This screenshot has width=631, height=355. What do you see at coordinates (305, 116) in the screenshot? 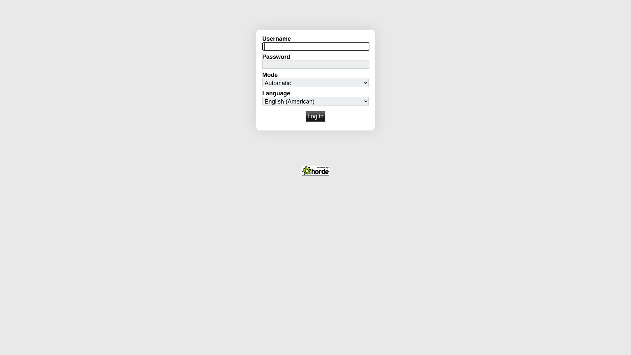
I see `'Log in'` at bounding box center [305, 116].